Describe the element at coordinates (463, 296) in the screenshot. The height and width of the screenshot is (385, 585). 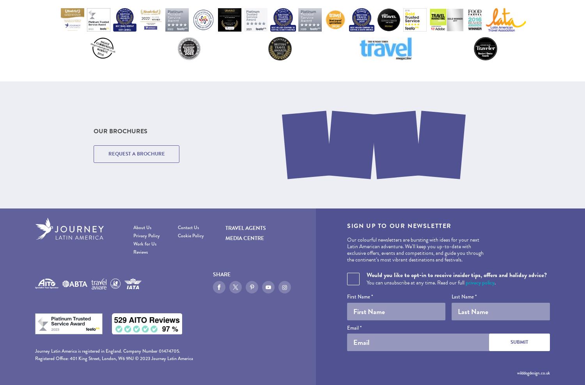
I see `'Last Name *'` at that location.